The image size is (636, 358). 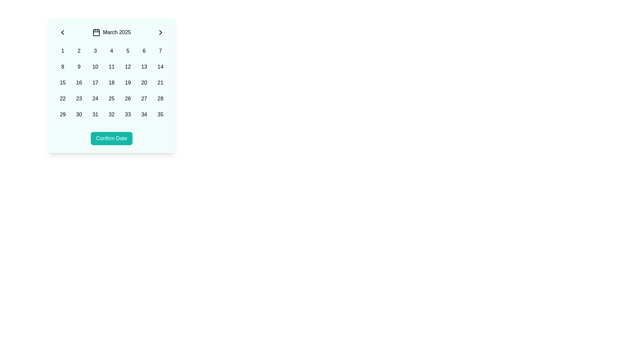 I want to click on the number 4 button in the calendar layout, so click(x=111, y=51).